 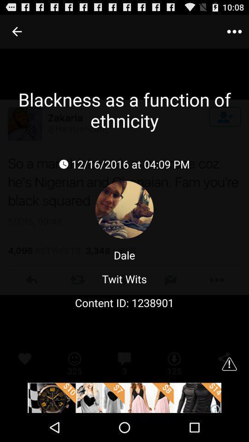 I want to click on warning icon, so click(x=229, y=364).